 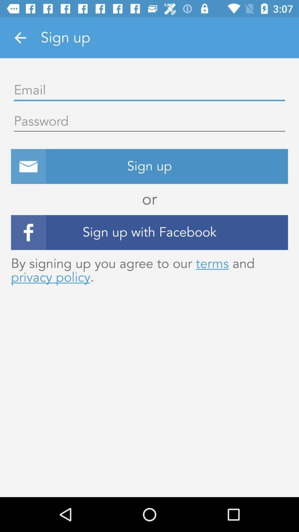 I want to click on by signing up item, so click(x=149, y=270).